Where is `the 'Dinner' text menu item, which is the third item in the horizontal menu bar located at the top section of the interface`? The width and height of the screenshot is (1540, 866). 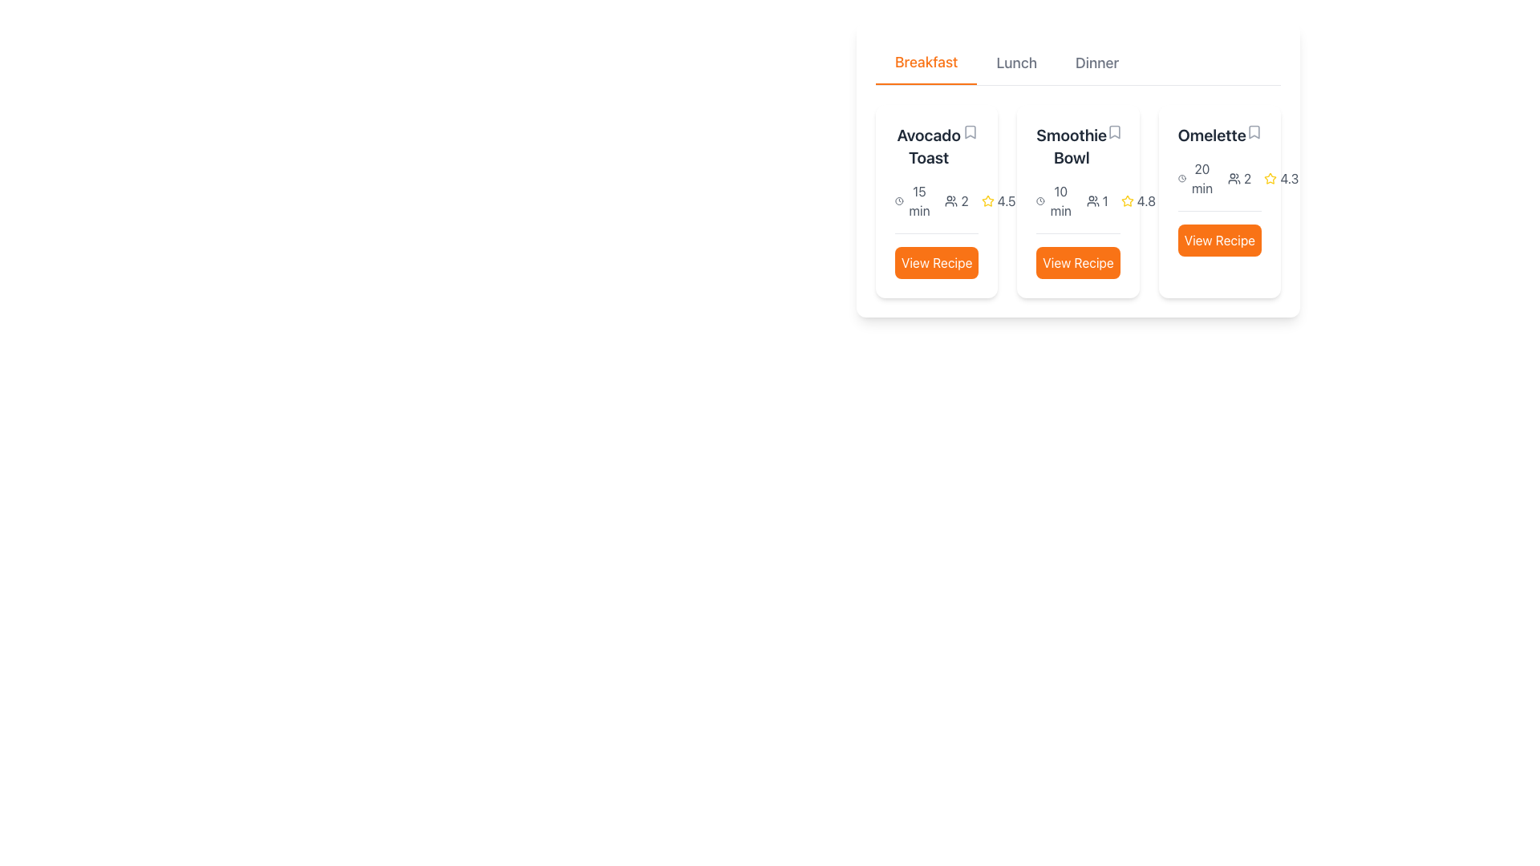 the 'Dinner' text menu item, which is the third item in the horizontal menu bar located at the top section of the interface is located at coordinates (1096, 62).